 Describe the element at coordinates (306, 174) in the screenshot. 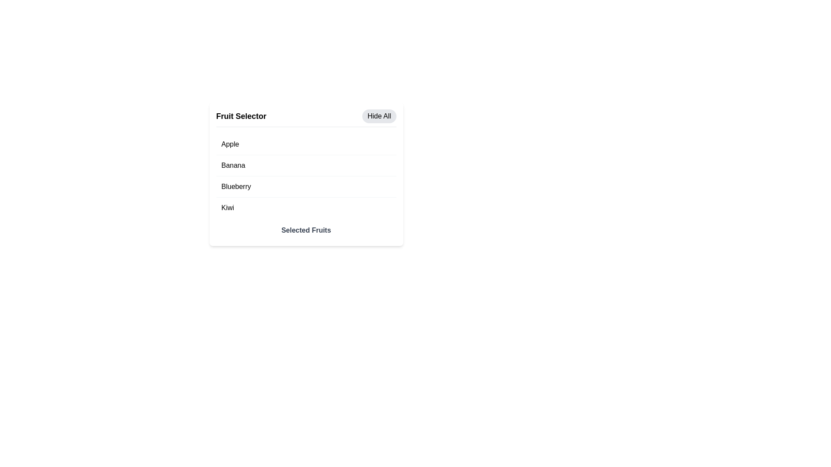

I see `the list of selectable fruits` at that location.